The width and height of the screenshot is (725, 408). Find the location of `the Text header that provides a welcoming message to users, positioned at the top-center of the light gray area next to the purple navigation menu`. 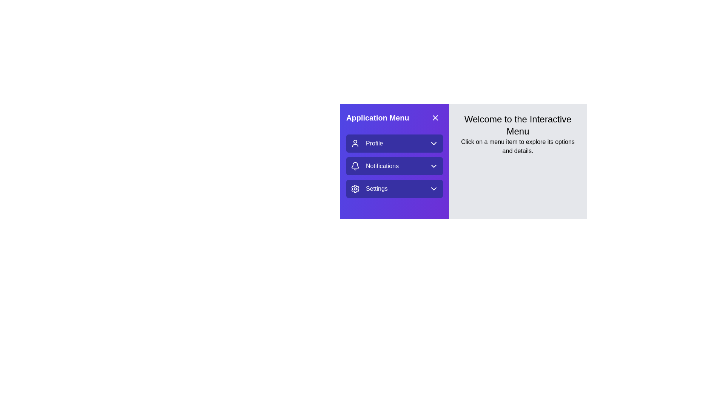

the Text header that provides a welcoming message to users, positioned at the top-center of the light gray area next to the purple navigation menu is located at coordinates (517, 125).